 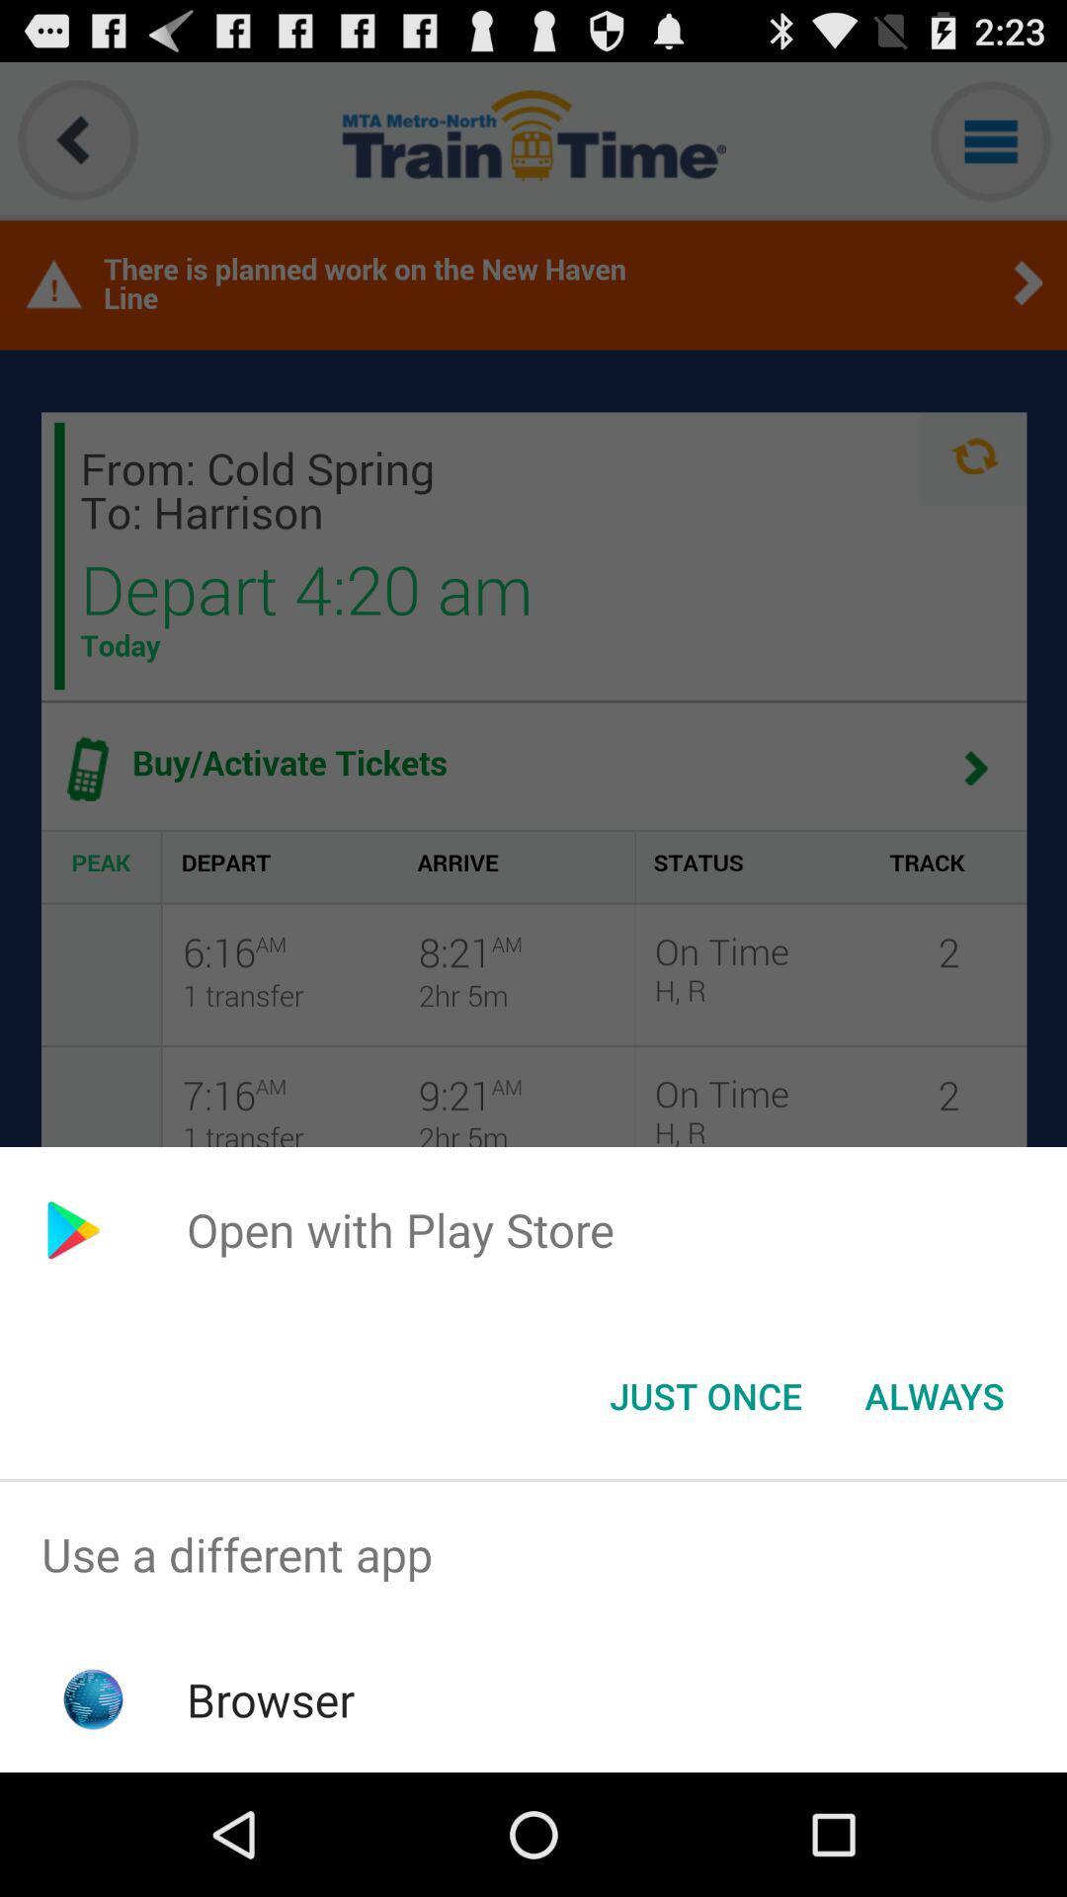 I want to click on the always, so click(x=934, y=1394).